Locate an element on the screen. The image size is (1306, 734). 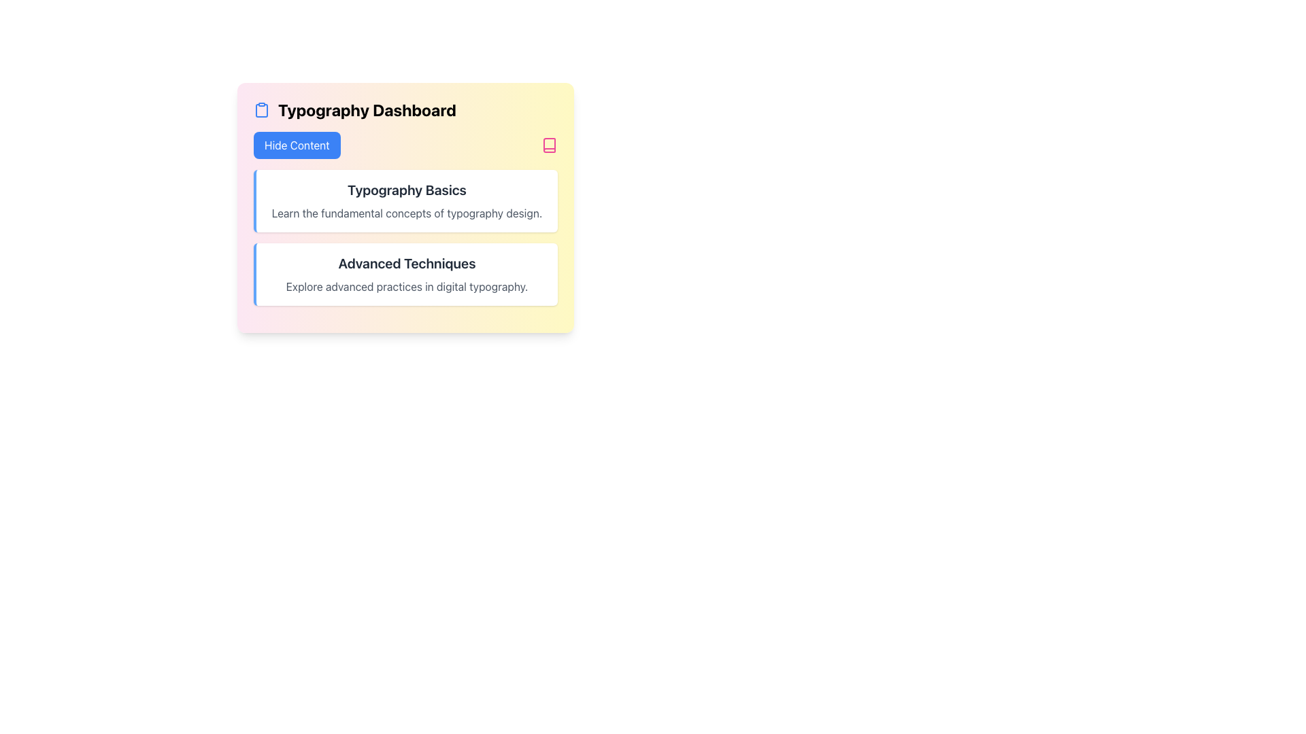
the decorative icon located to the left of the 'Typography Dashboard' title, which enhances the visual appeal of the dashboard's header is located at coordinates (261, 109).